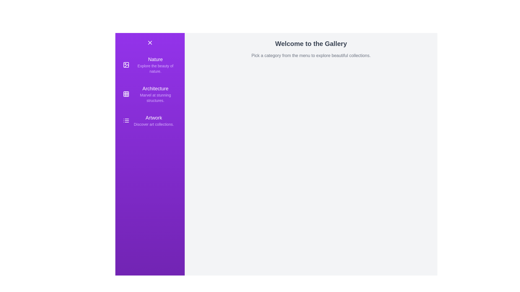  I want to click on the toggle button to toggle the drawer's state, so click(150, 42).